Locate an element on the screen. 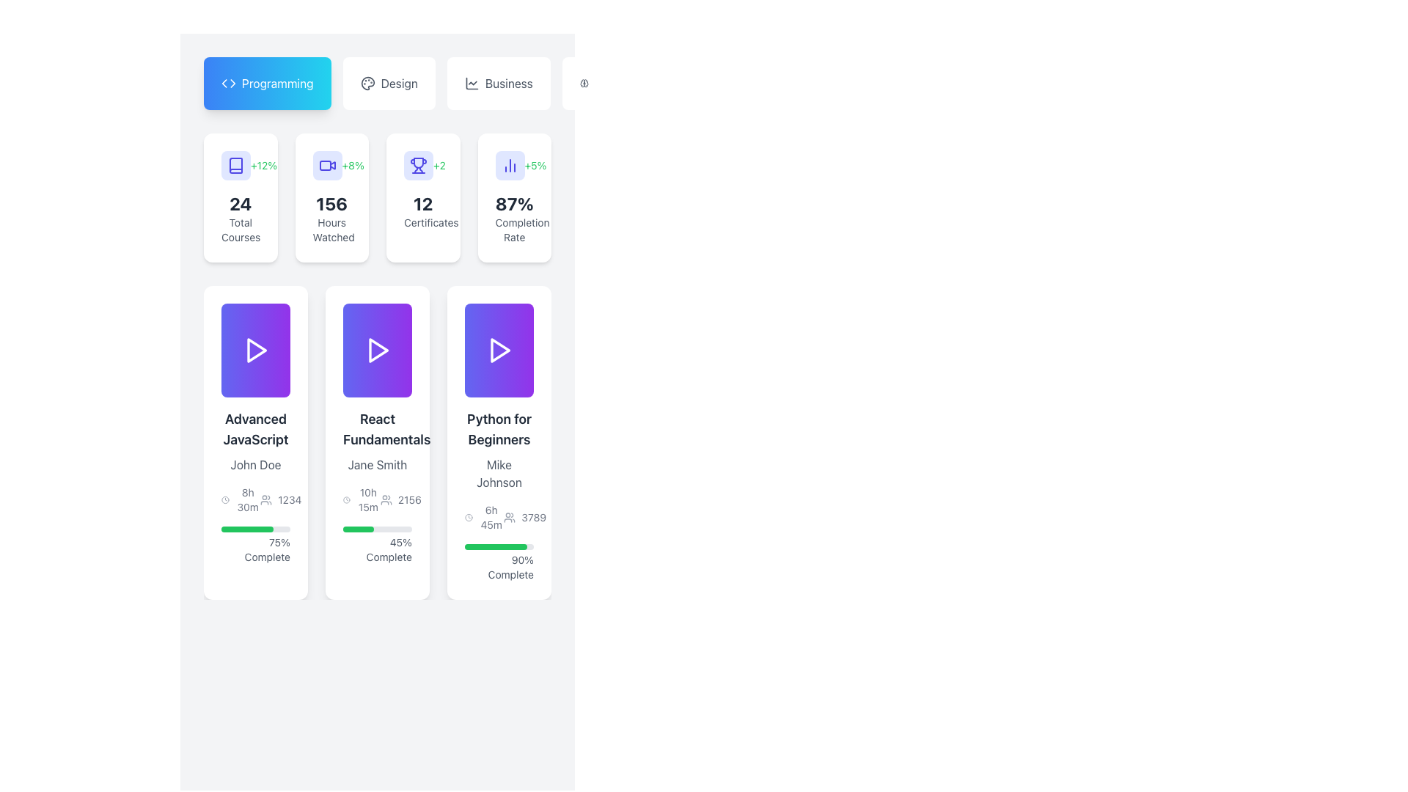 This screenshot has height=792, width=1408. value displayed in the bold text element showing '87%' located at the top-right section of the fourth informational card on the dashboard interface is located at coordinates (514, 203).